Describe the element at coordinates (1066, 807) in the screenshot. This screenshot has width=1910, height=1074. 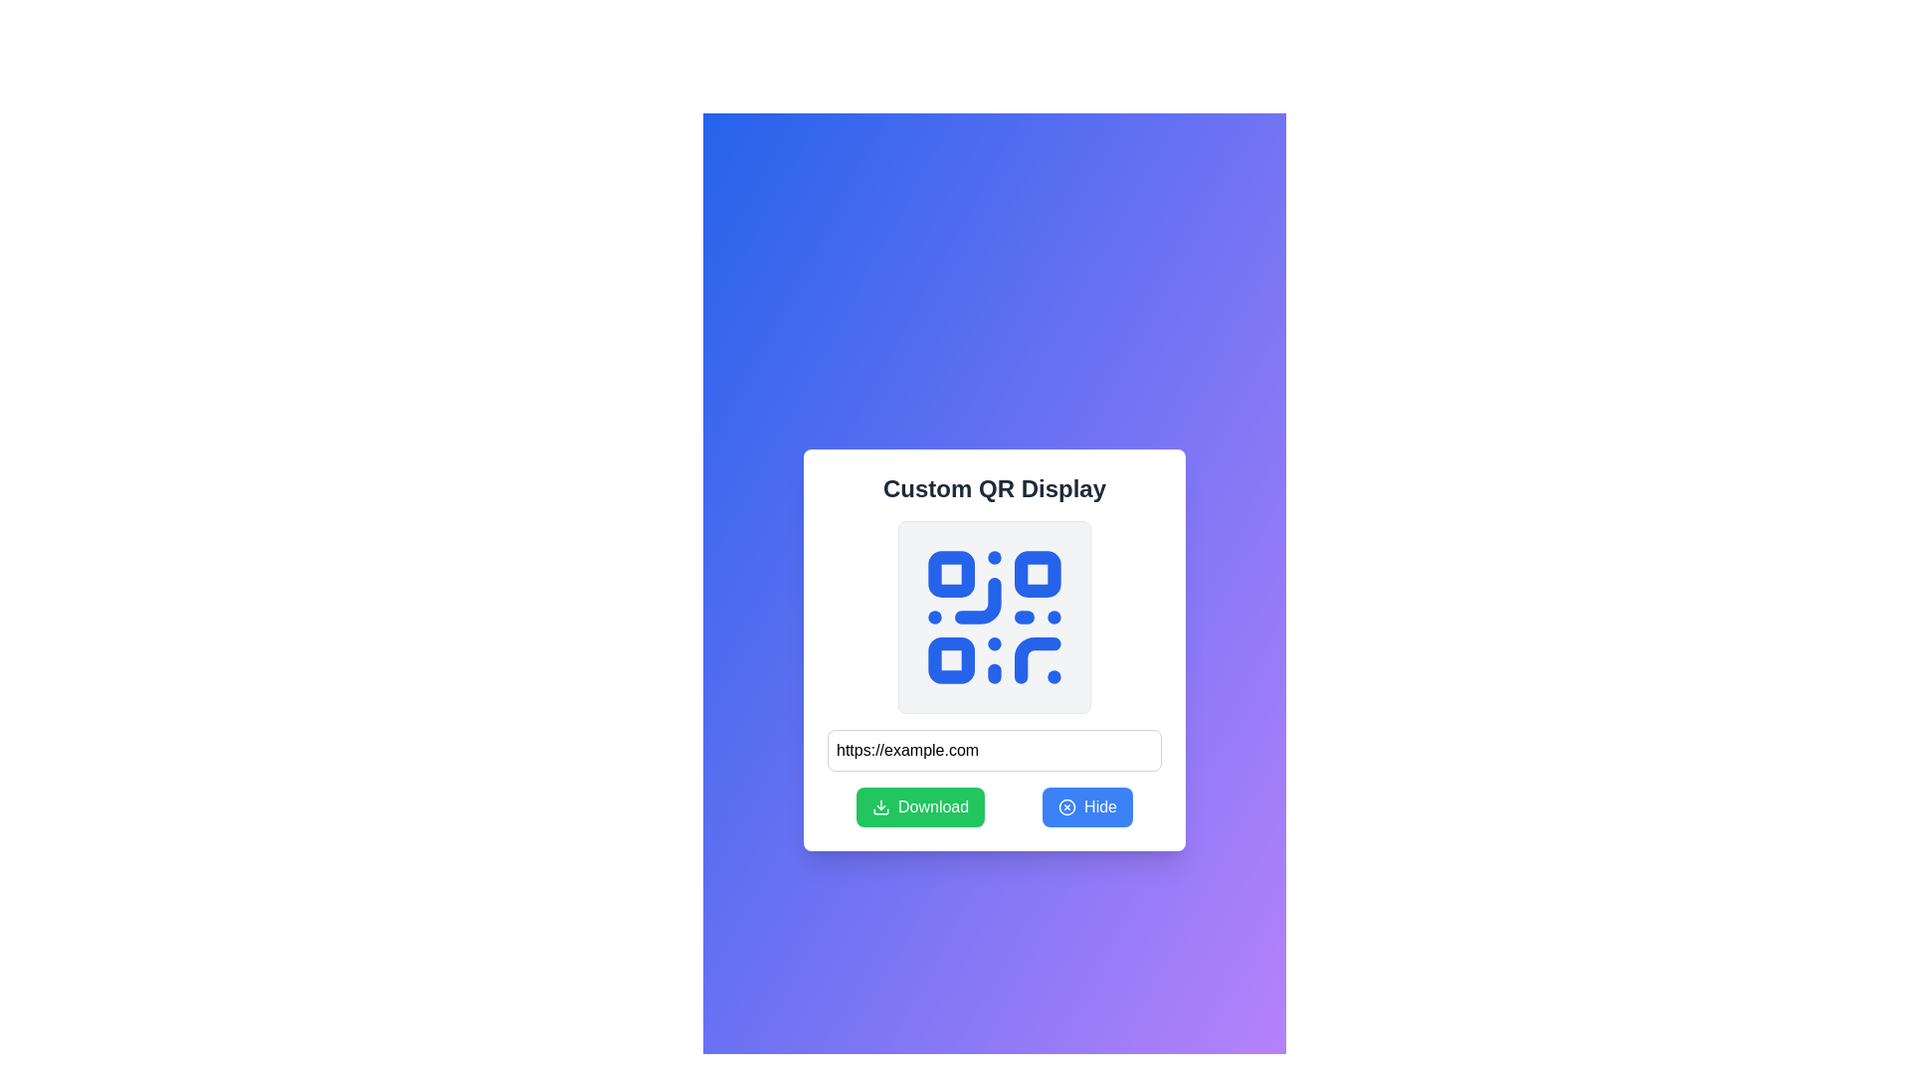
I see `the circular icon that is part of the 'Hide' button located at the bottom-right corner of the modal, which contains a QR code and associated controls` at that location.